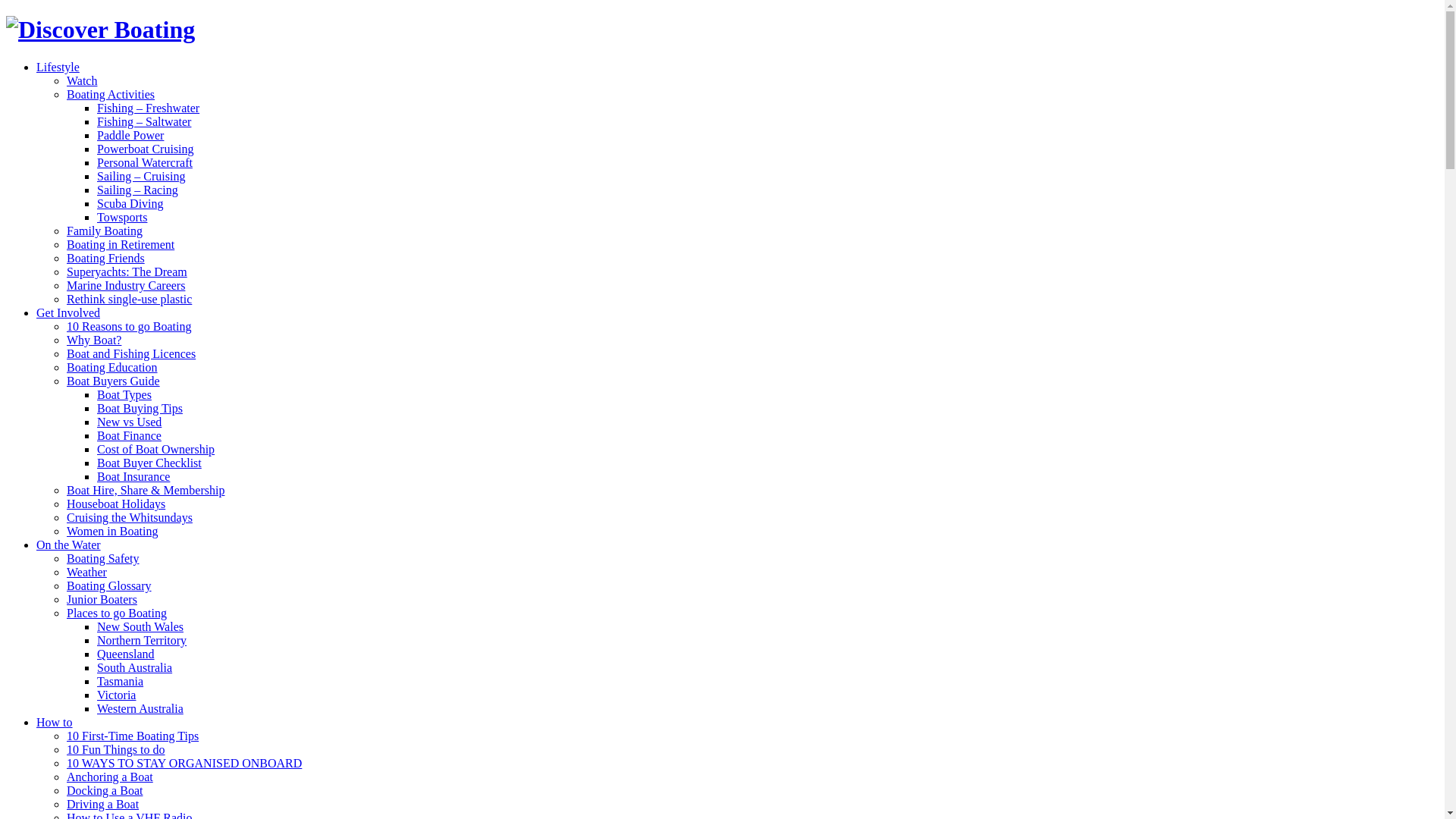 The height and width of the screenshot is (819, 1456). What do you see at coordinates (104, 789) in the screenshot?
I see `'Docking a Boat'` at bounding box center [104, 789].